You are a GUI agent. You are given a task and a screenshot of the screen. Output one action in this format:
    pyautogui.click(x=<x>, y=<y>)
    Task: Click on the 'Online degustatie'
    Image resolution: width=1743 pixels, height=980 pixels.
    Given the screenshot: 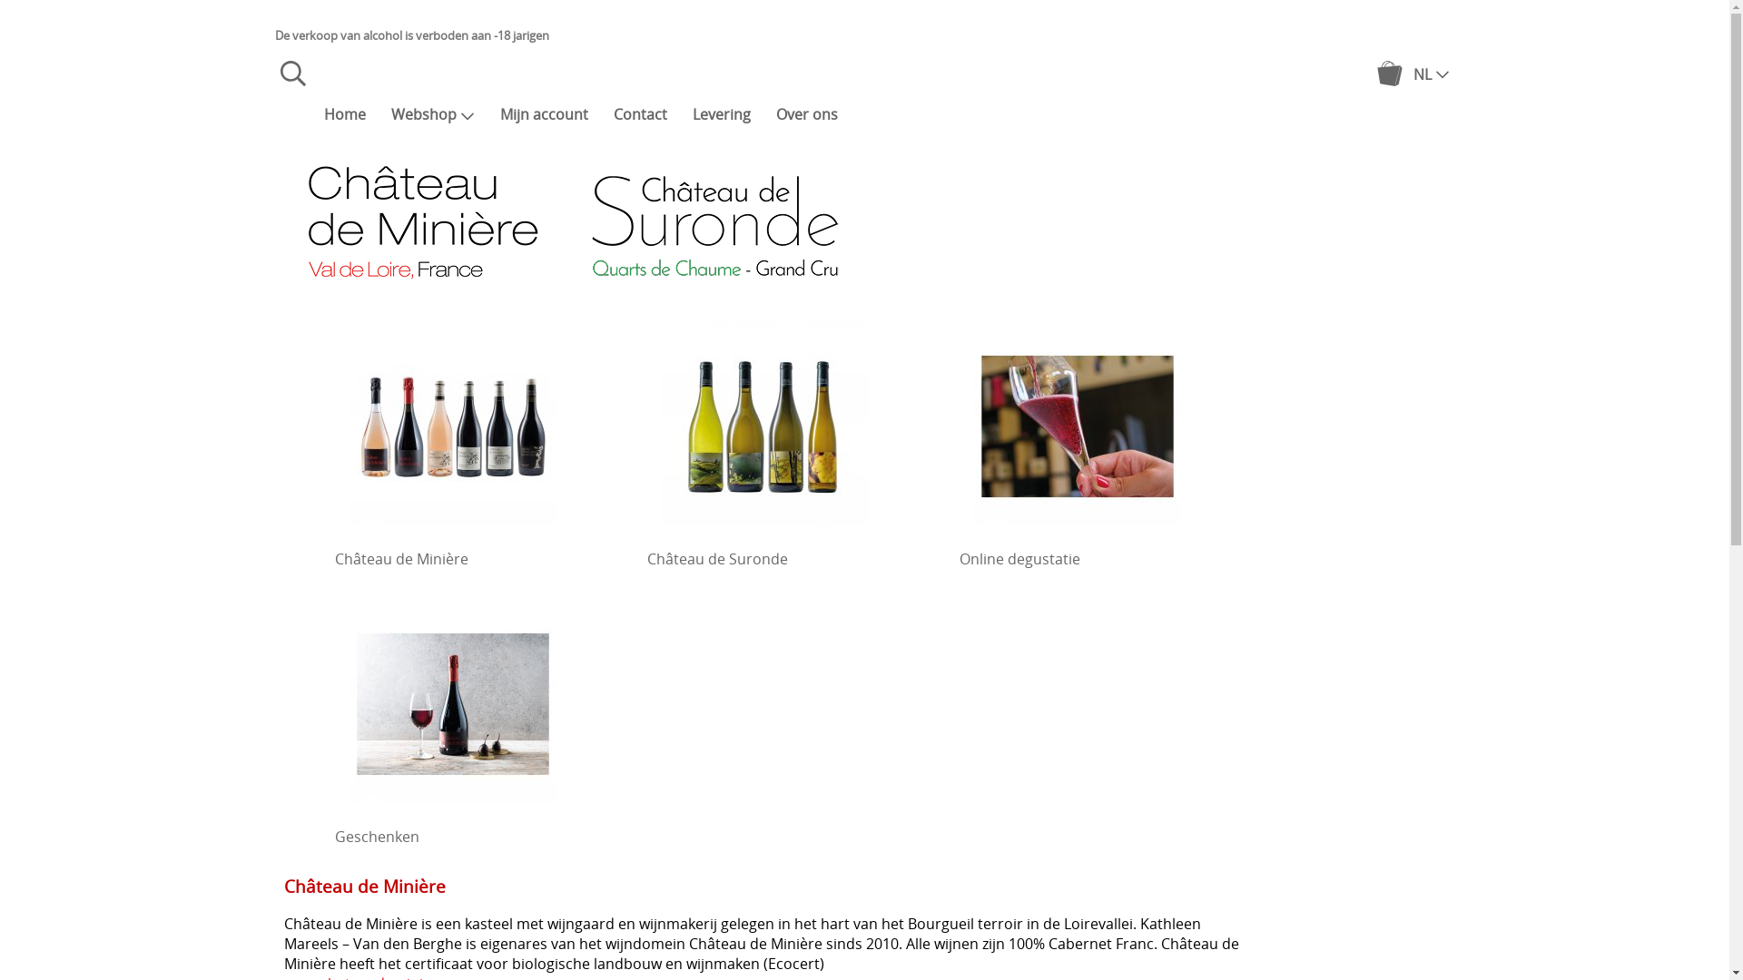 What is the action you would take?
    pyautogui.click(x=1076, y=441)
    